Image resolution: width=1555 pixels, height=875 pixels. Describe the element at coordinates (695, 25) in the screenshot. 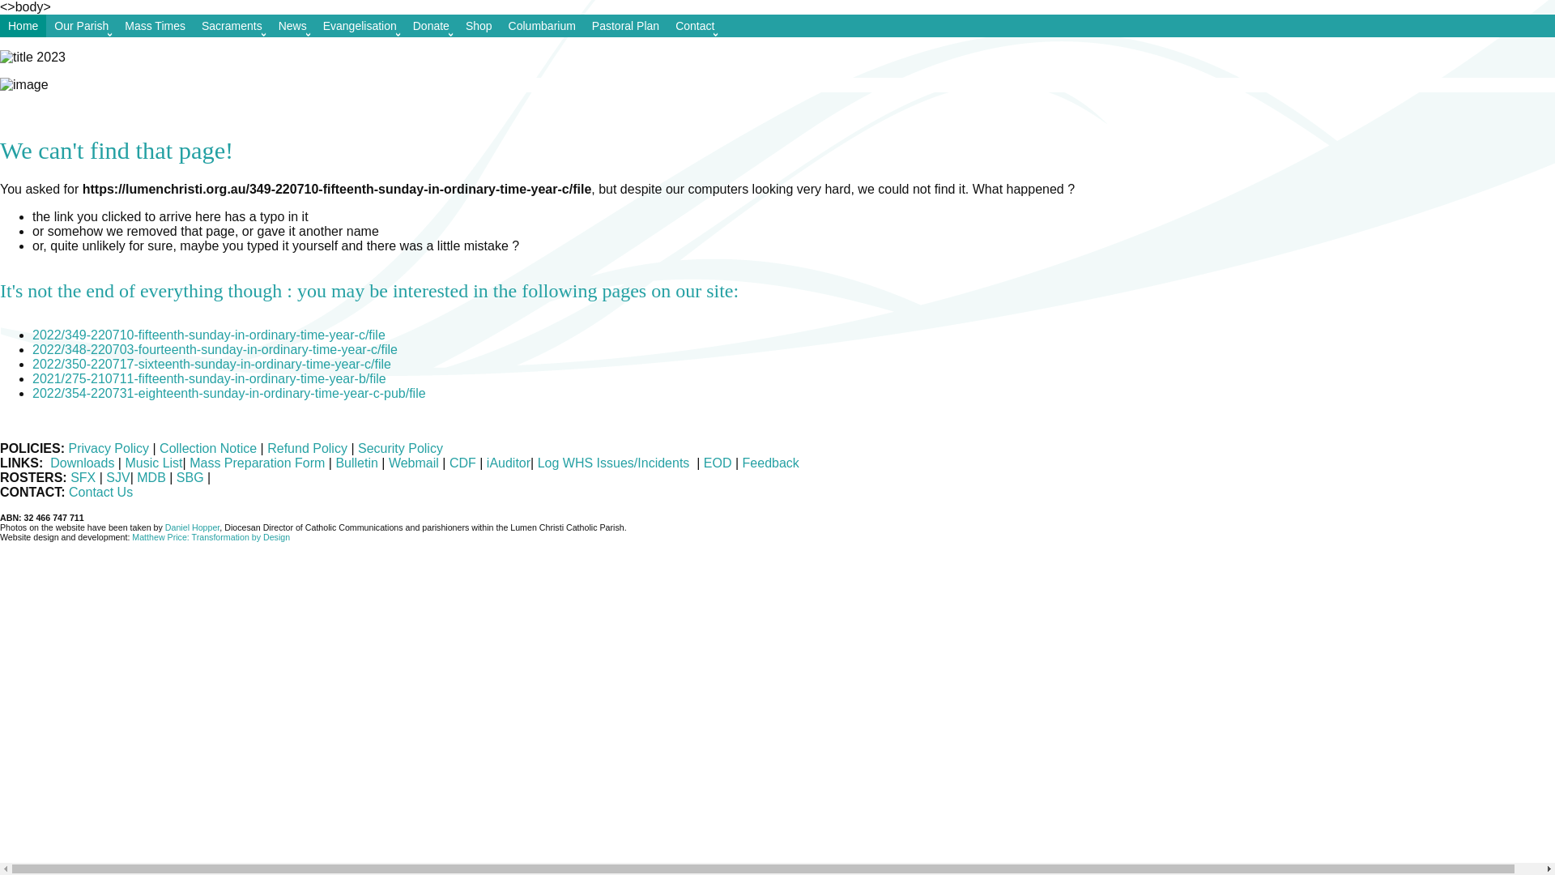

I see `'Contact` at that location.